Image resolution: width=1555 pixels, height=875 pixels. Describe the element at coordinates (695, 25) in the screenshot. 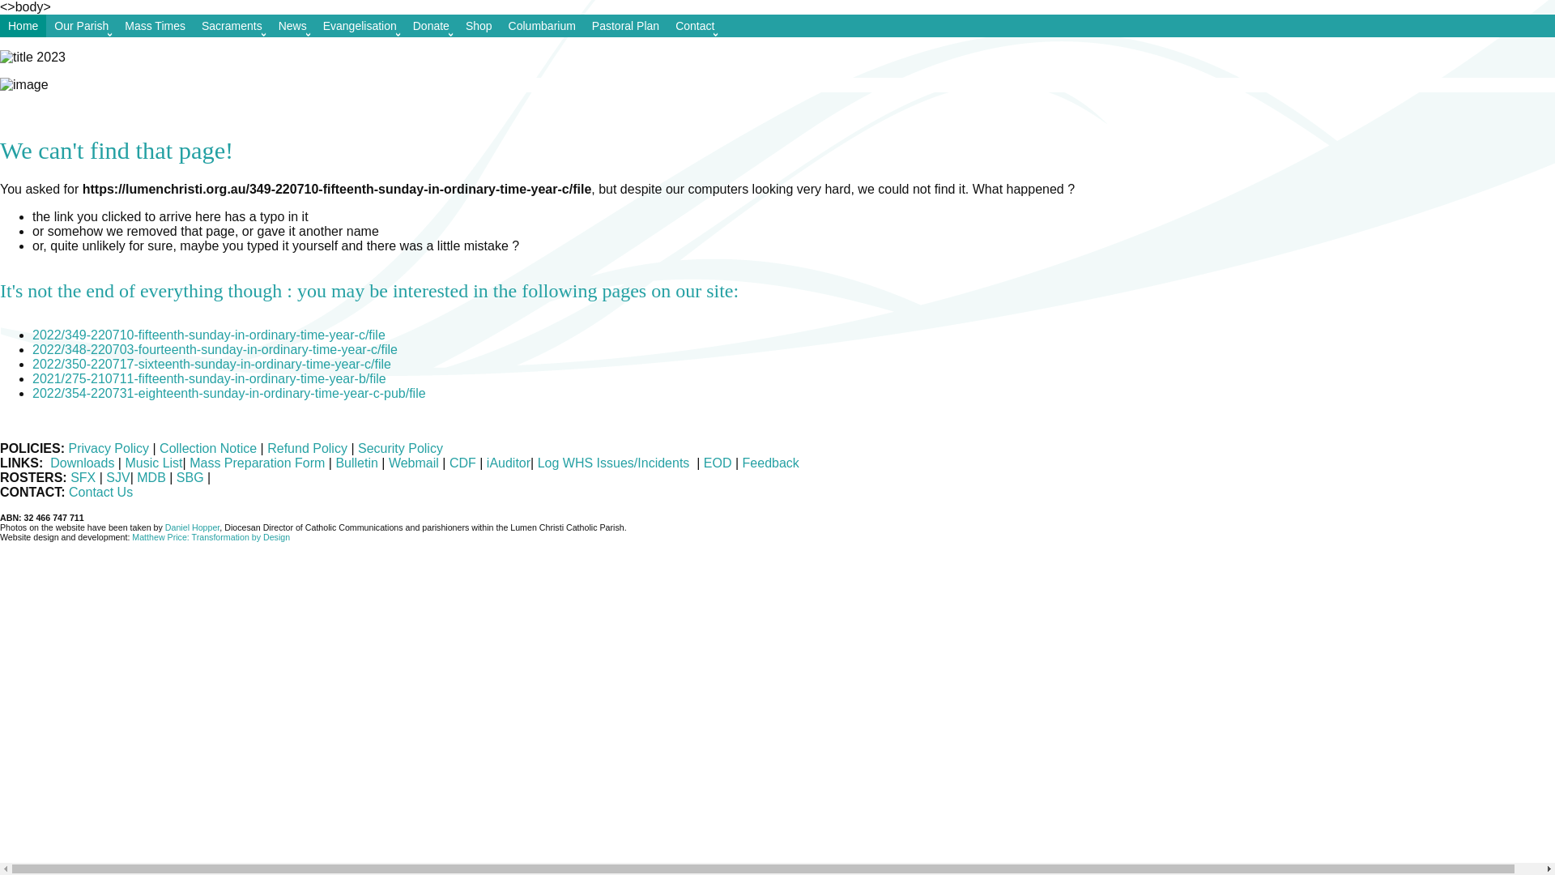

I see `'Contact` at that location.